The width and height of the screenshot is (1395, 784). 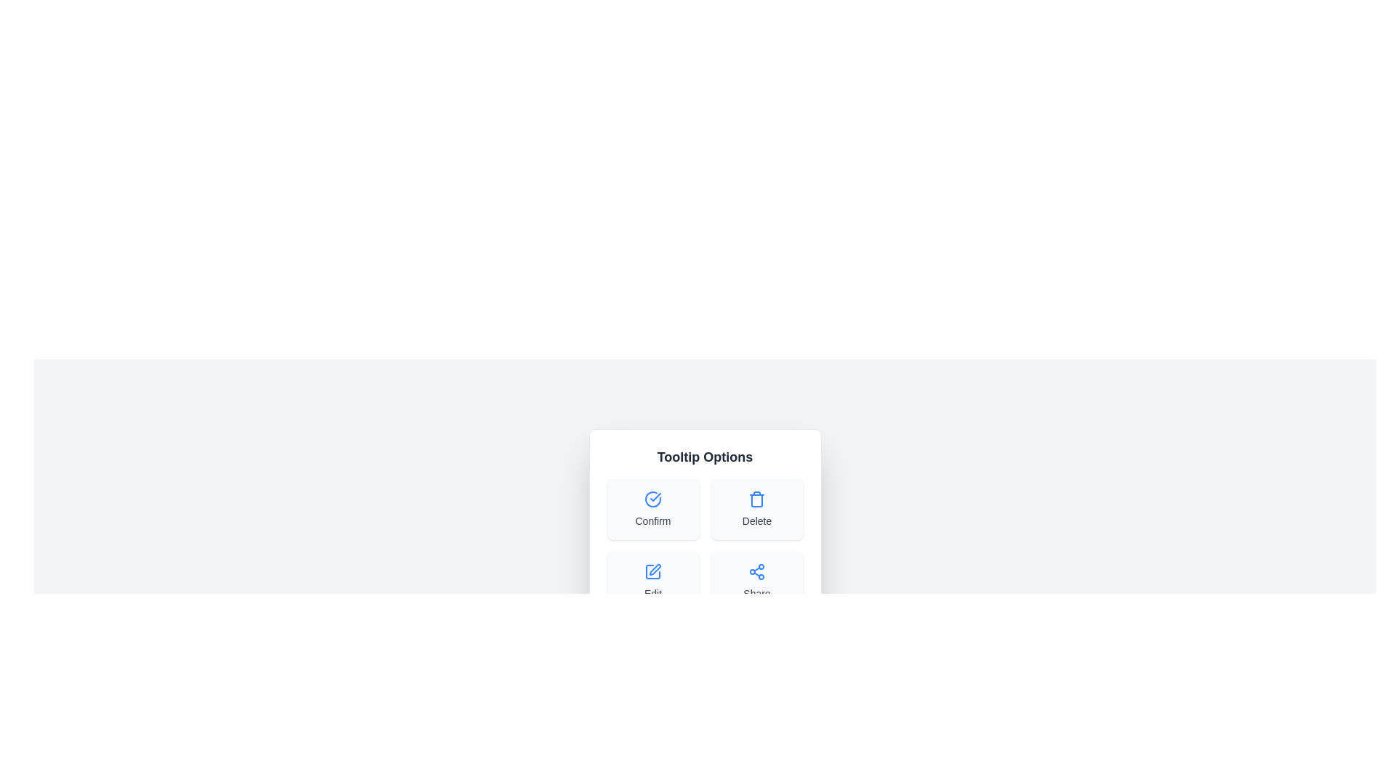 I want to click on the checkmark icon within the tooltip under the 'Confirm' button, which is styled with a blue stroke and is part of an SVG graphic, so click(x=655, y=497).